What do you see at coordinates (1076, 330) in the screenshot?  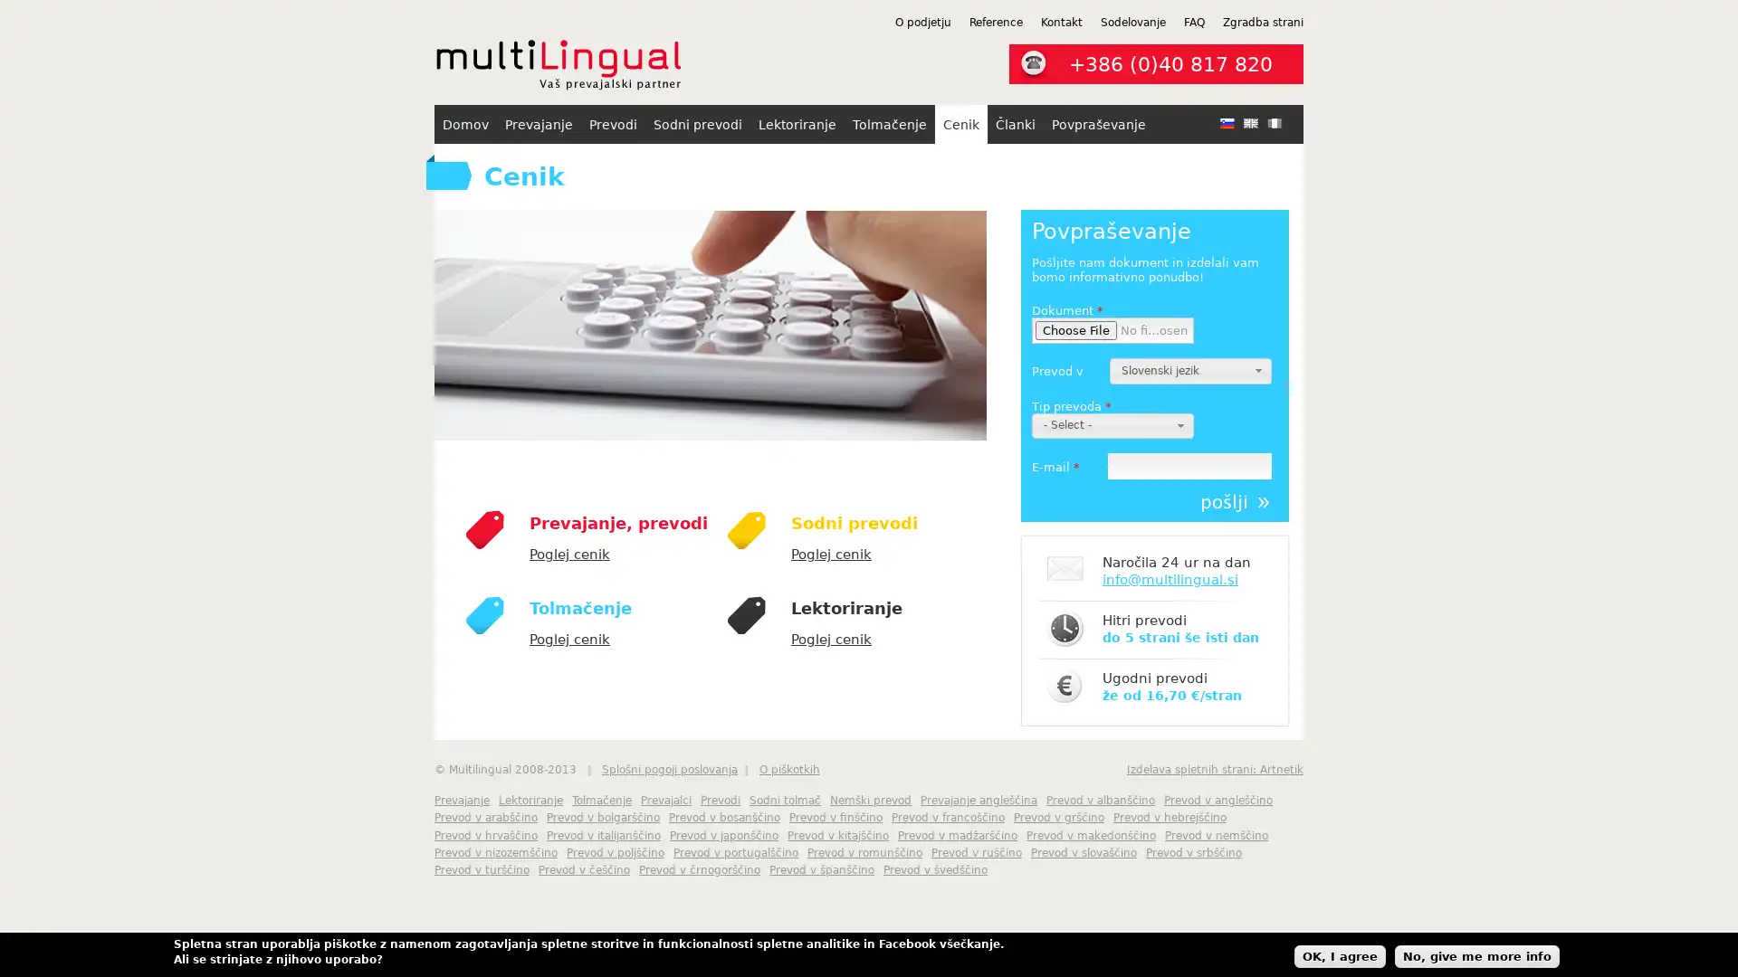 I see `Choose File` at bounding box center [1076, 330].